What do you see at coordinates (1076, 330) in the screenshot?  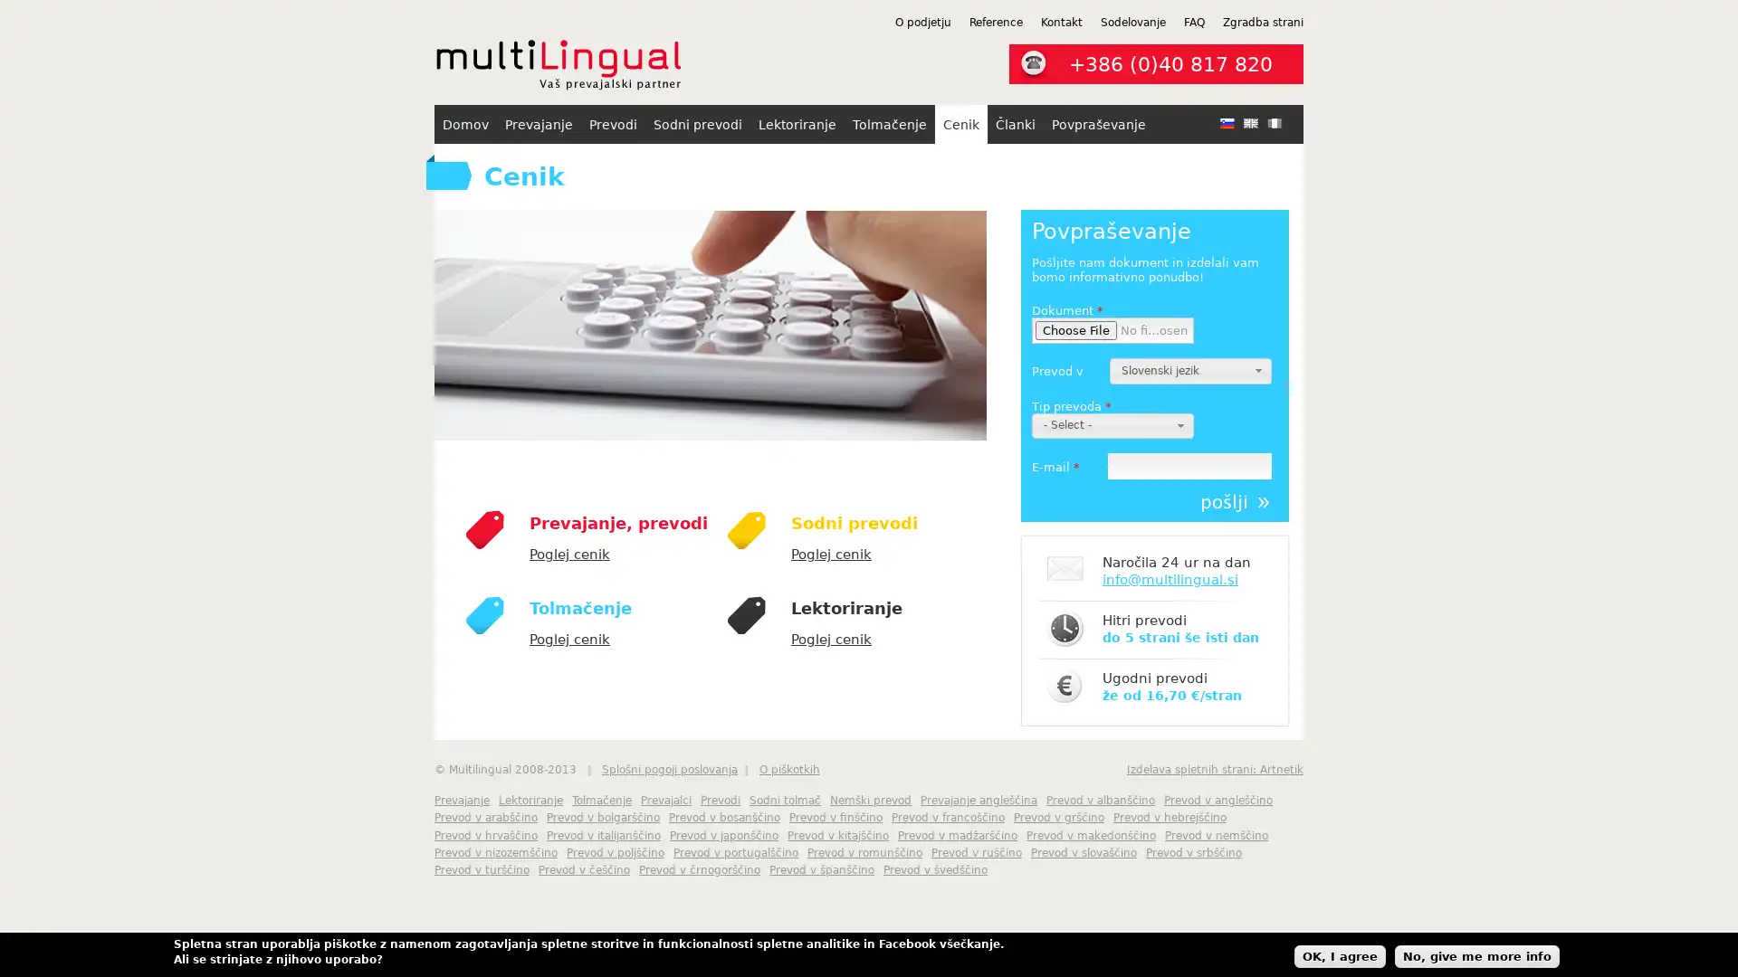 I see `Choose File` at bounding box center [1076, 330].